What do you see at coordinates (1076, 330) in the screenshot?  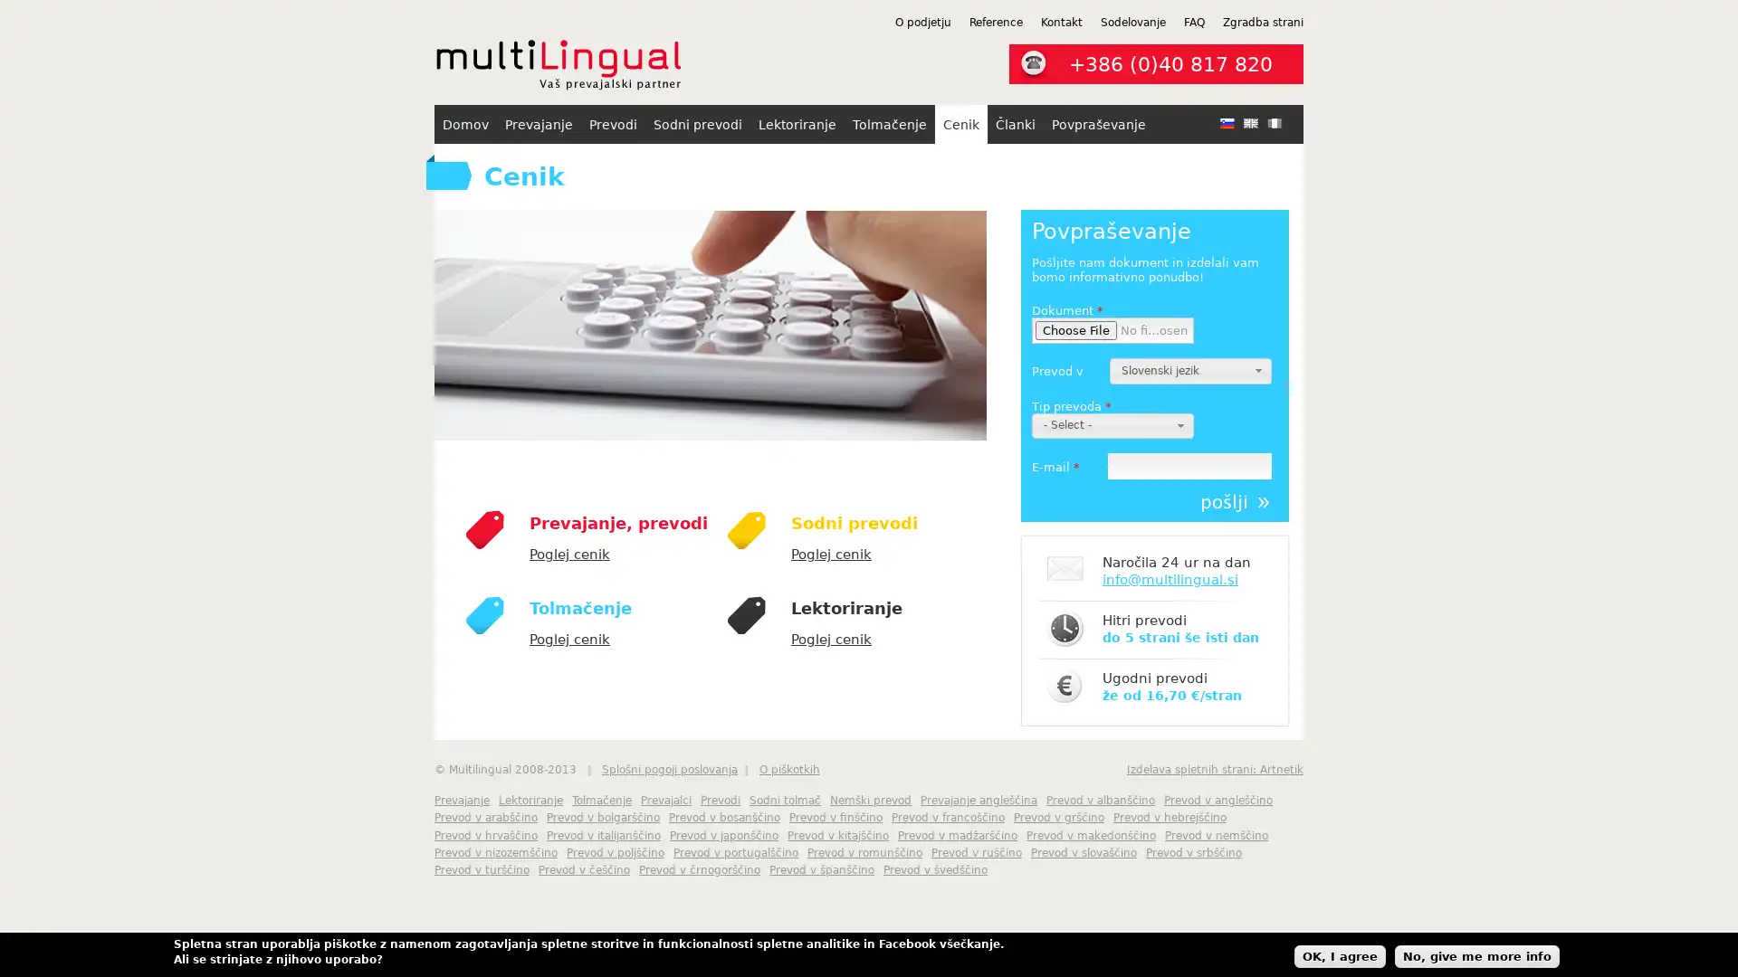 I see `Choose File` at bounding box center [1076, 330].